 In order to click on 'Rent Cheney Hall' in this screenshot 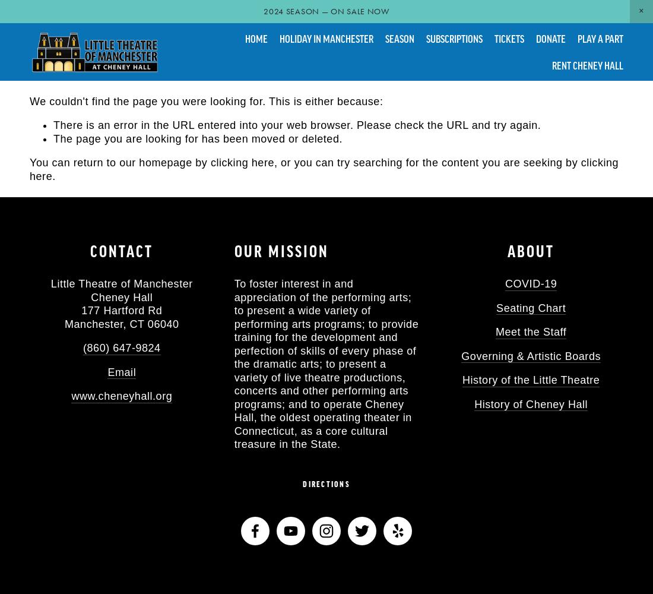, I will do `click(587, 64)`.